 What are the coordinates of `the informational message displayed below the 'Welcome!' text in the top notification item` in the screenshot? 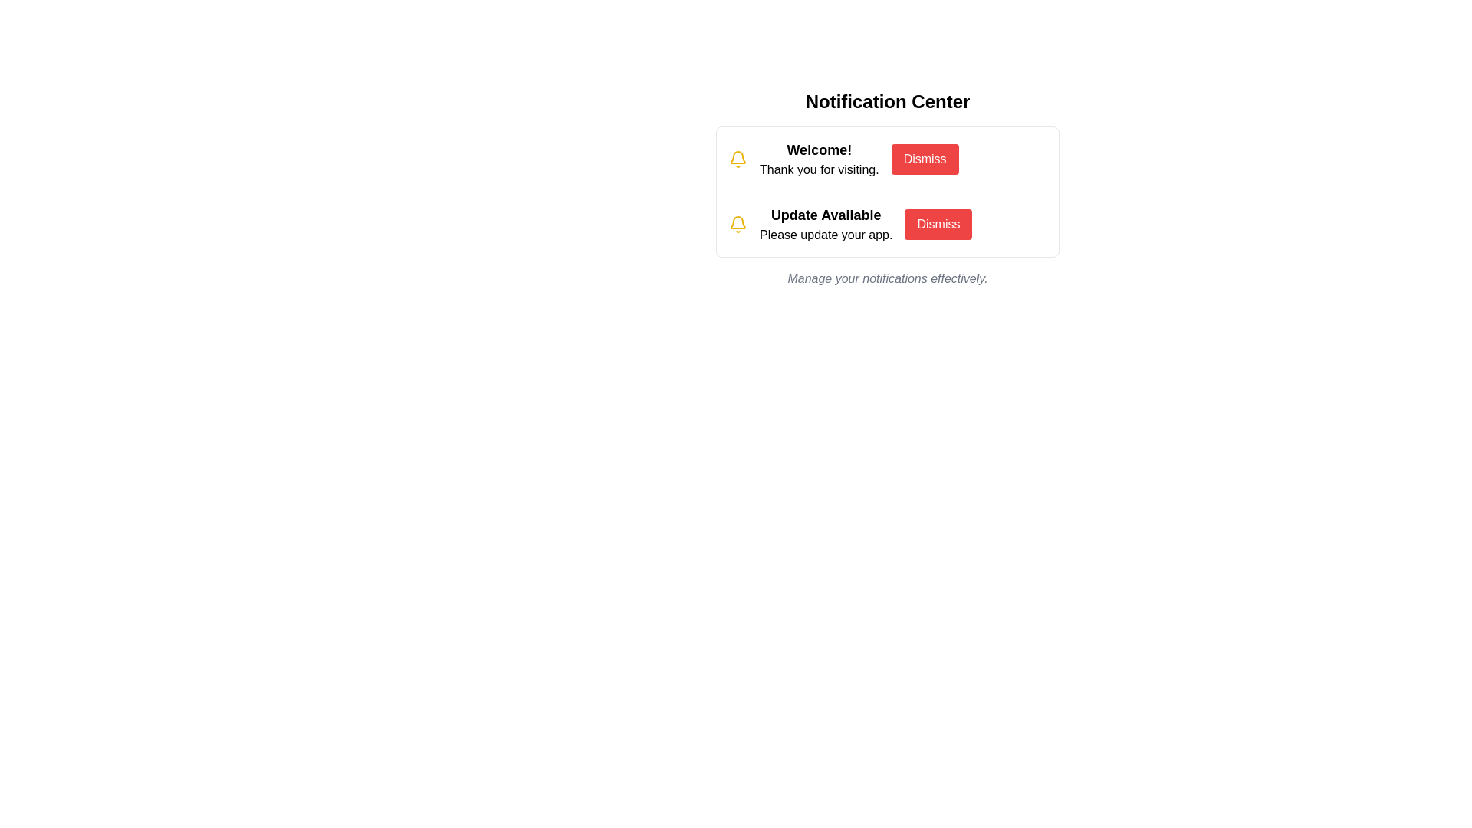 It's located at (818, 170).